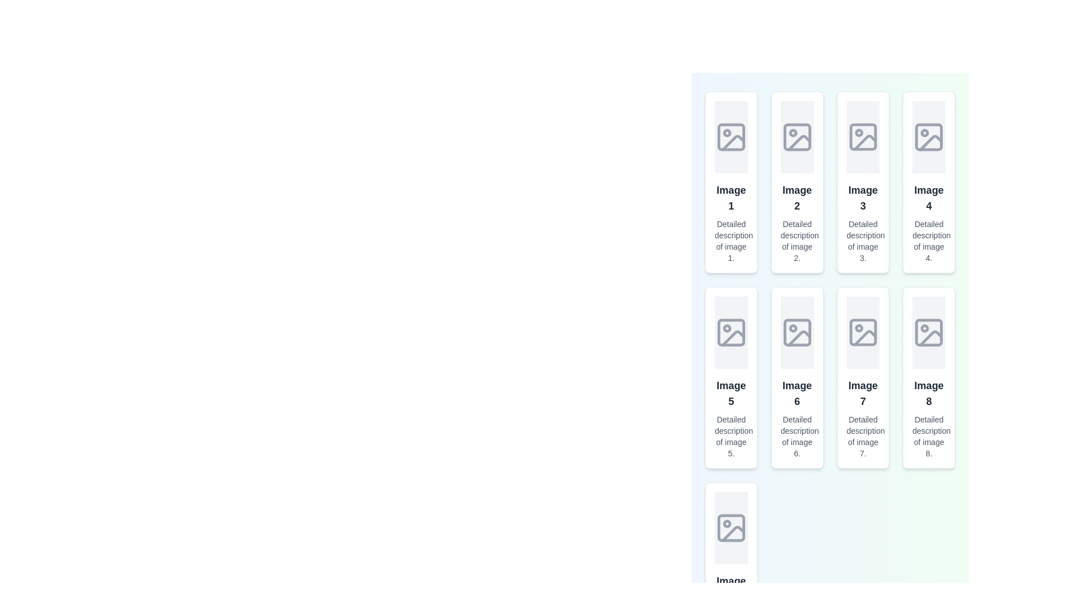 The image size is (1084, 610). What do you see at coordinates (929, 332) in the screenshot?
I see `the visual representation of the SVG rectangle that is part of the image placeholder icon located in the eighth item of the grid layout, specifically in the last column of the second row` at bounding box center [929, 332].